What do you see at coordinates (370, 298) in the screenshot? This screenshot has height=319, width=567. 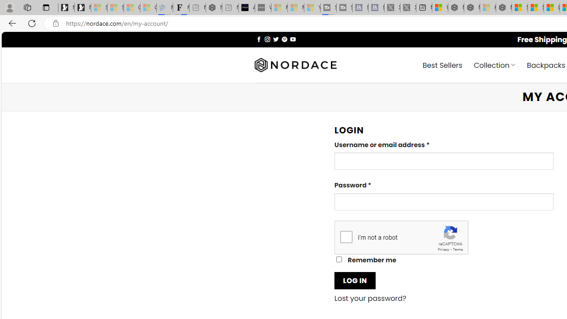 I see `'Lost your password?'` at bounding box center [370, 298].